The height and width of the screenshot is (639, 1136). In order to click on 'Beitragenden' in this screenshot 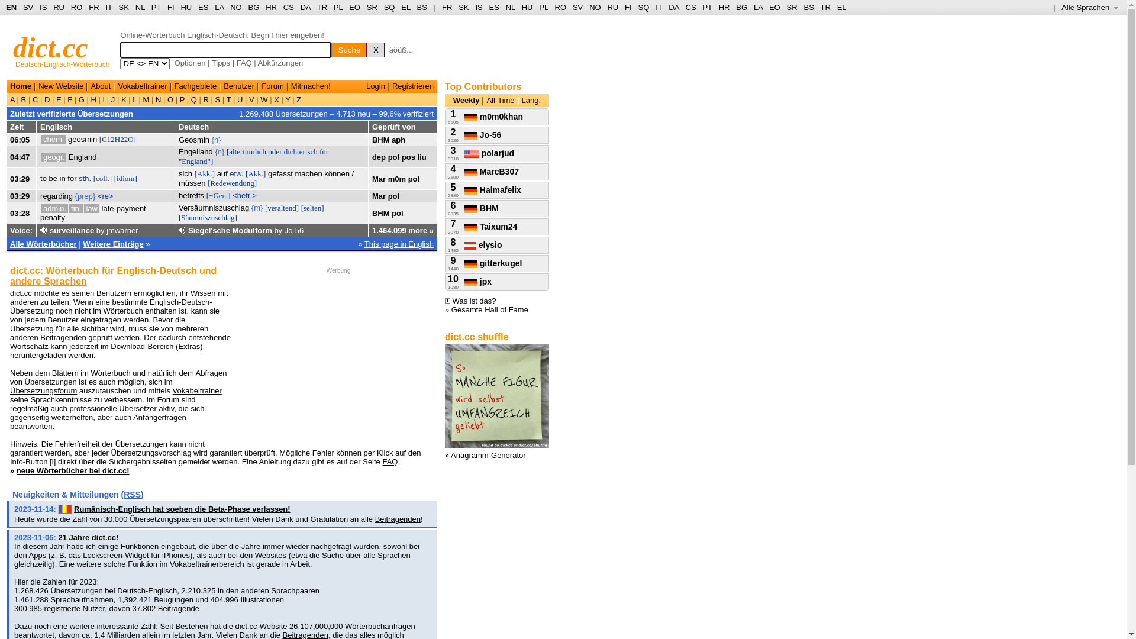, I will do `click(398, 518)`.